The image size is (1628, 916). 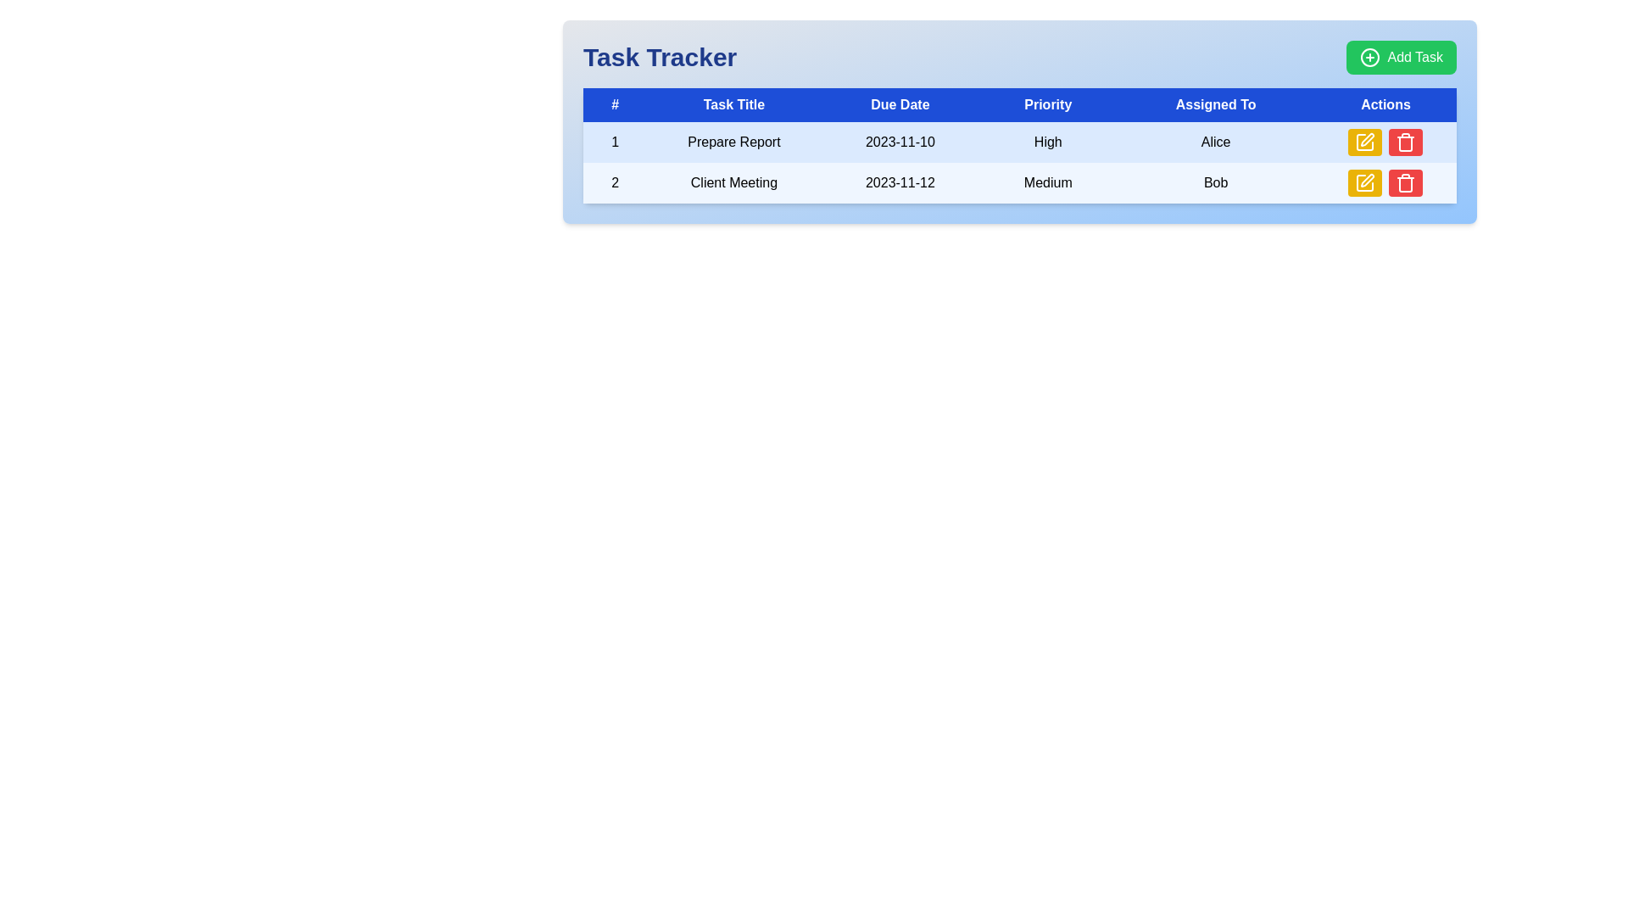 I want to click on the 'Priority' table header, which is the fourth column header in a table with a blue background and white text, so click(x=1047, y=104).